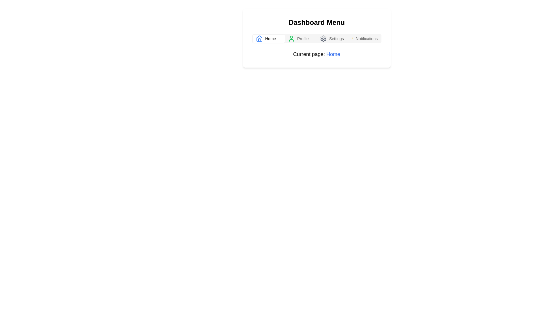  I want to click on the 'Home' navigation tab located in the top-center of the interface, so click(268, 39).